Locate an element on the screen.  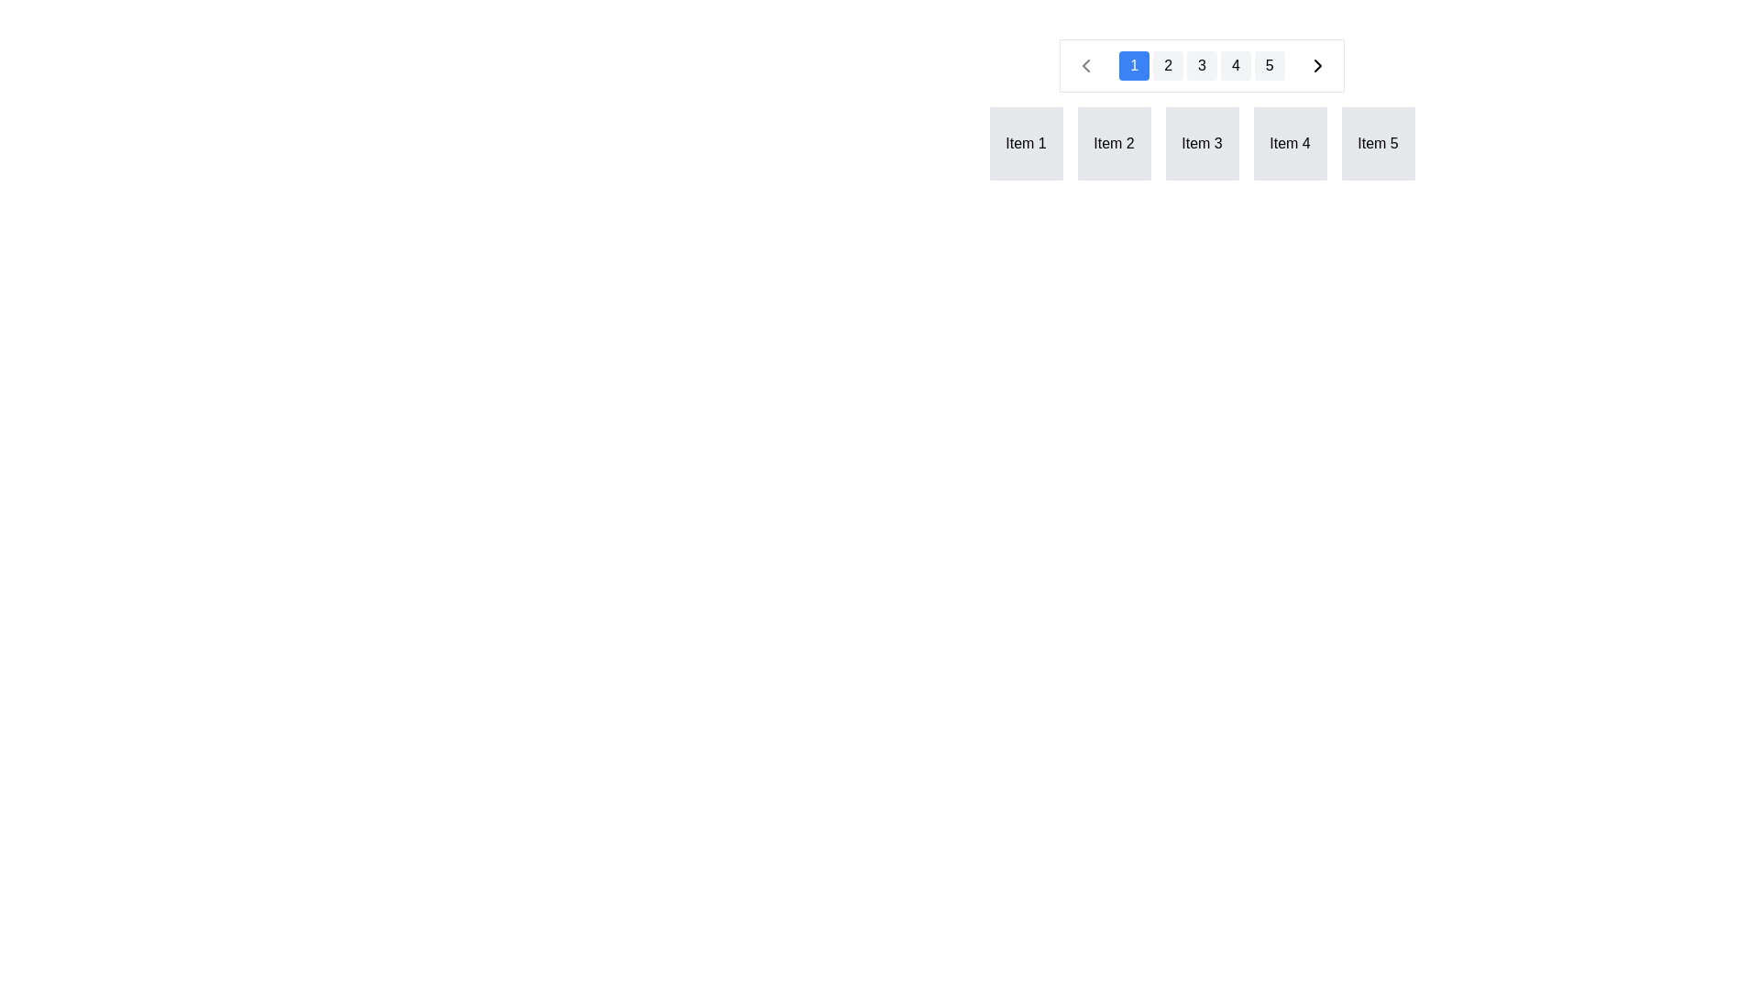
the left chevron arrow icon, which is the first element in the pagination control bar is located at coordinates (1086, 65).